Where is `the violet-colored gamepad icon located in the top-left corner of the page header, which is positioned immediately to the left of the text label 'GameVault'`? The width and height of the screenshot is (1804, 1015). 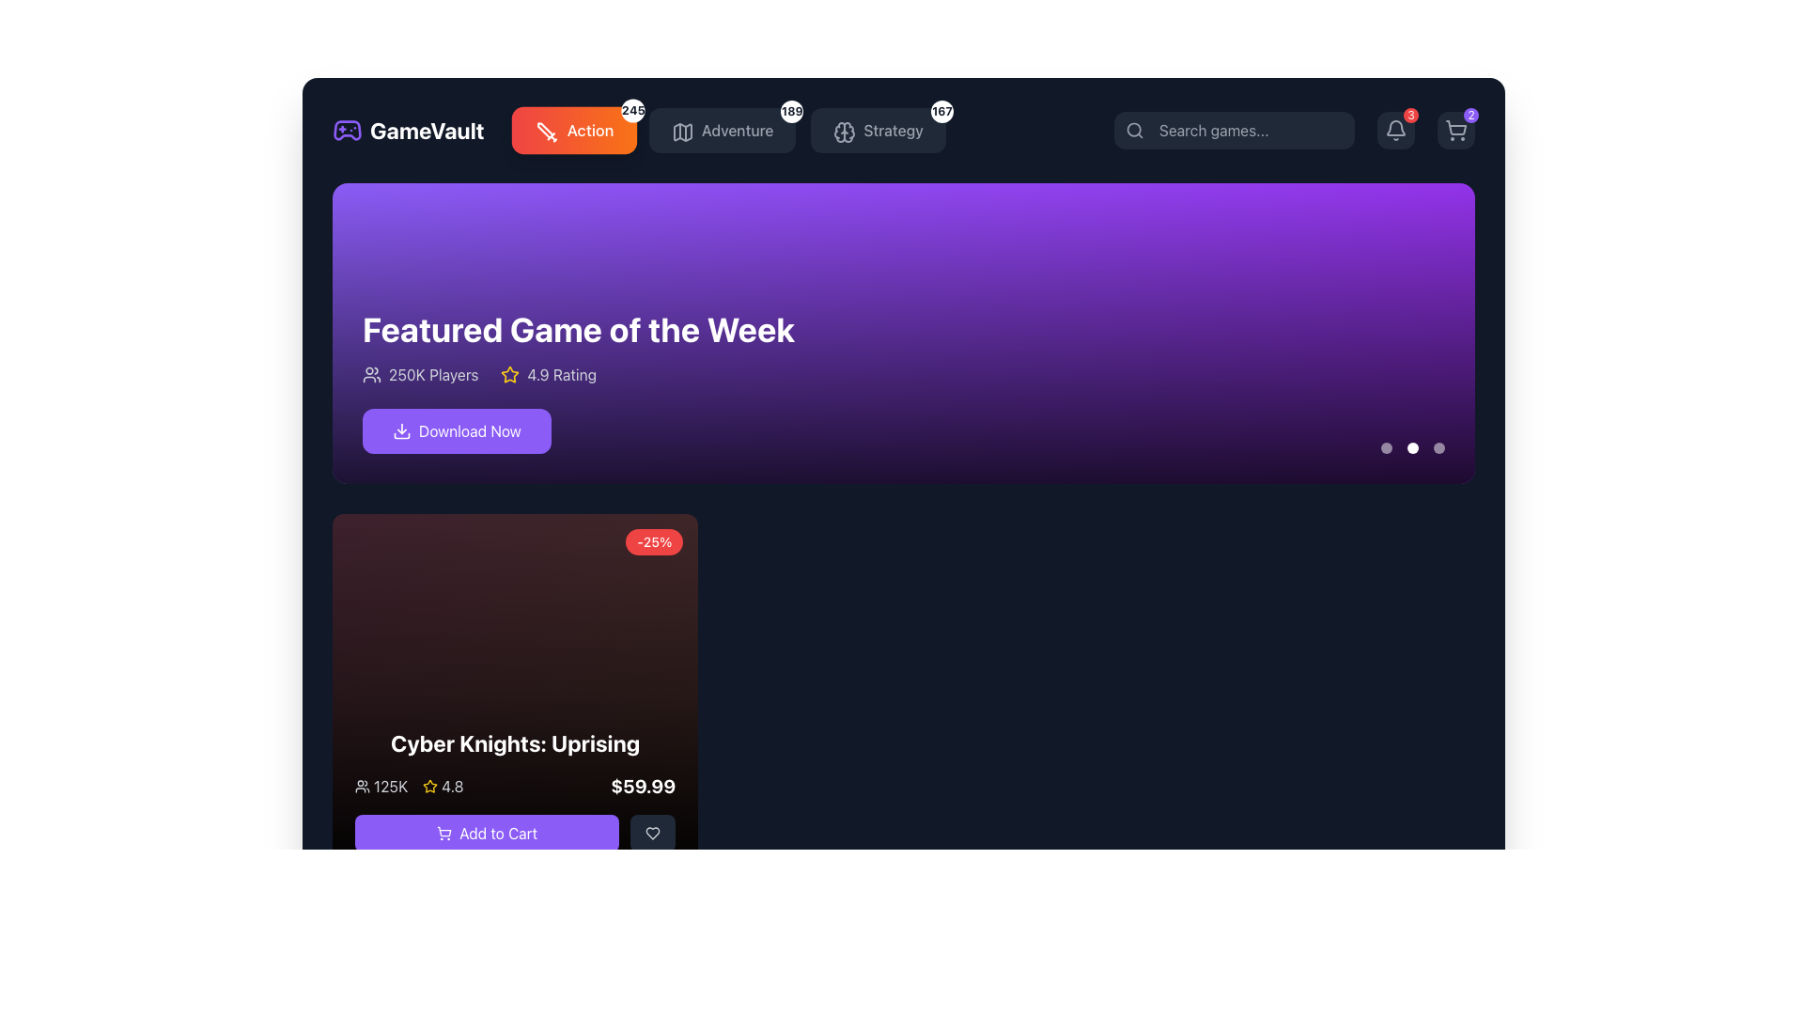 the violet-colored gamepad icon located in the top-left corner of the page header, which is positioned immediately to the left of the text label 'GameVault' is located at coordinates (347, 129).